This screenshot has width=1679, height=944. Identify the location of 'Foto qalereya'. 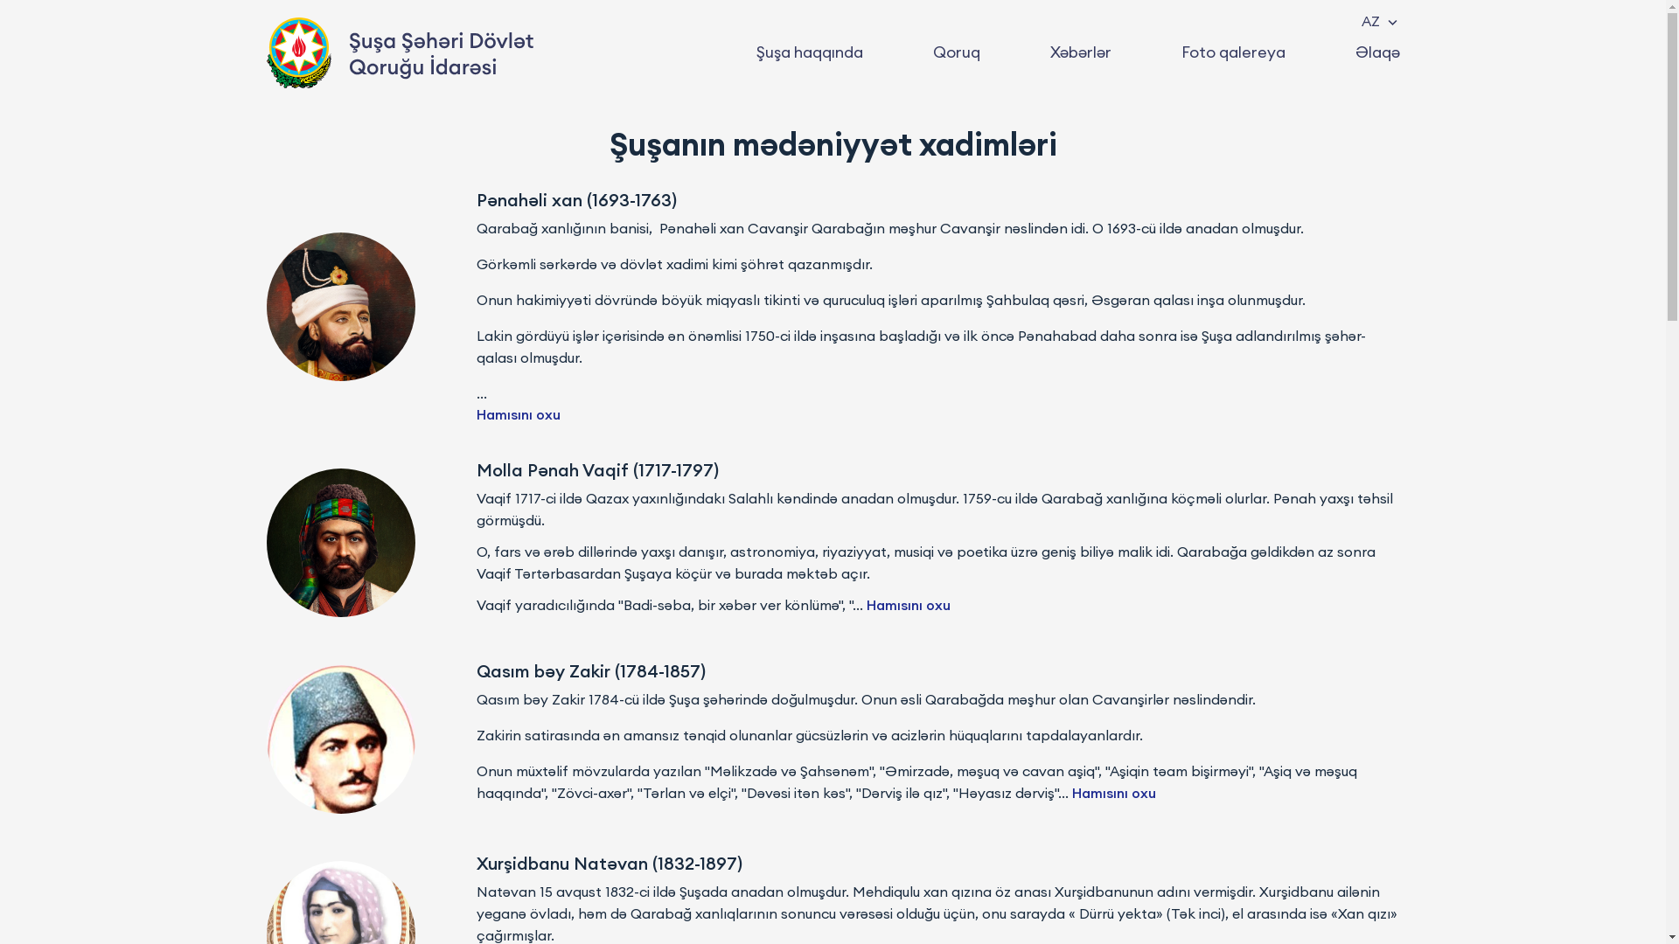
(1231, 52).